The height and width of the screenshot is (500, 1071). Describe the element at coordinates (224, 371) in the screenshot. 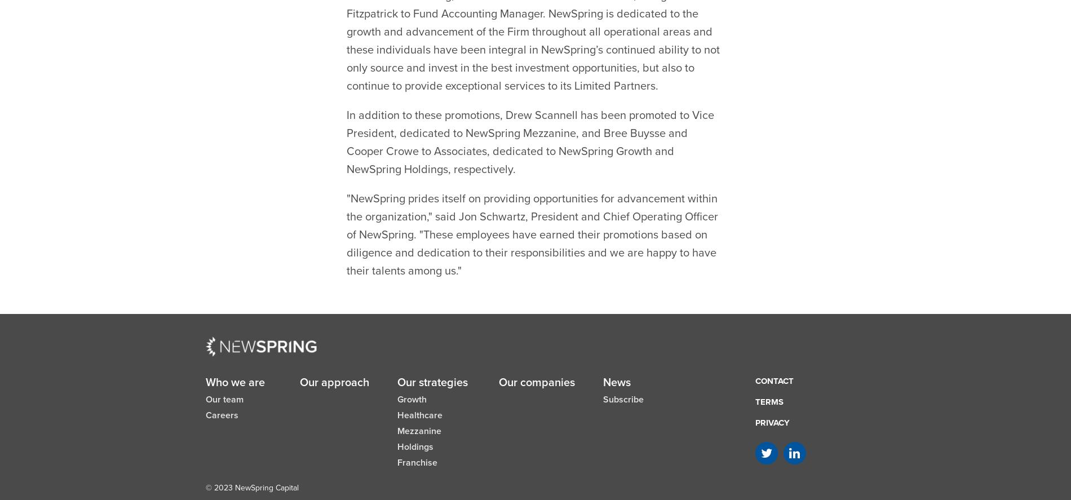

I see `'Our team'` at that location.